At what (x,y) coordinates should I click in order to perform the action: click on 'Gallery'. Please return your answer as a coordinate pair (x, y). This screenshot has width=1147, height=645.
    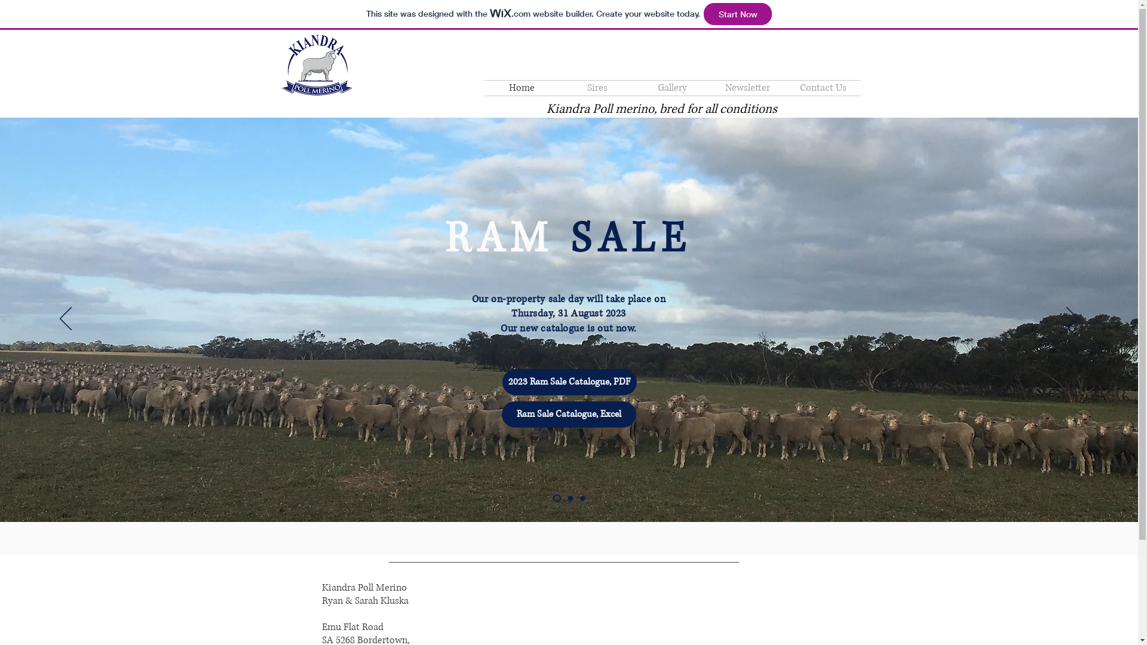
    Looking at the image, I should click on (633, 87).